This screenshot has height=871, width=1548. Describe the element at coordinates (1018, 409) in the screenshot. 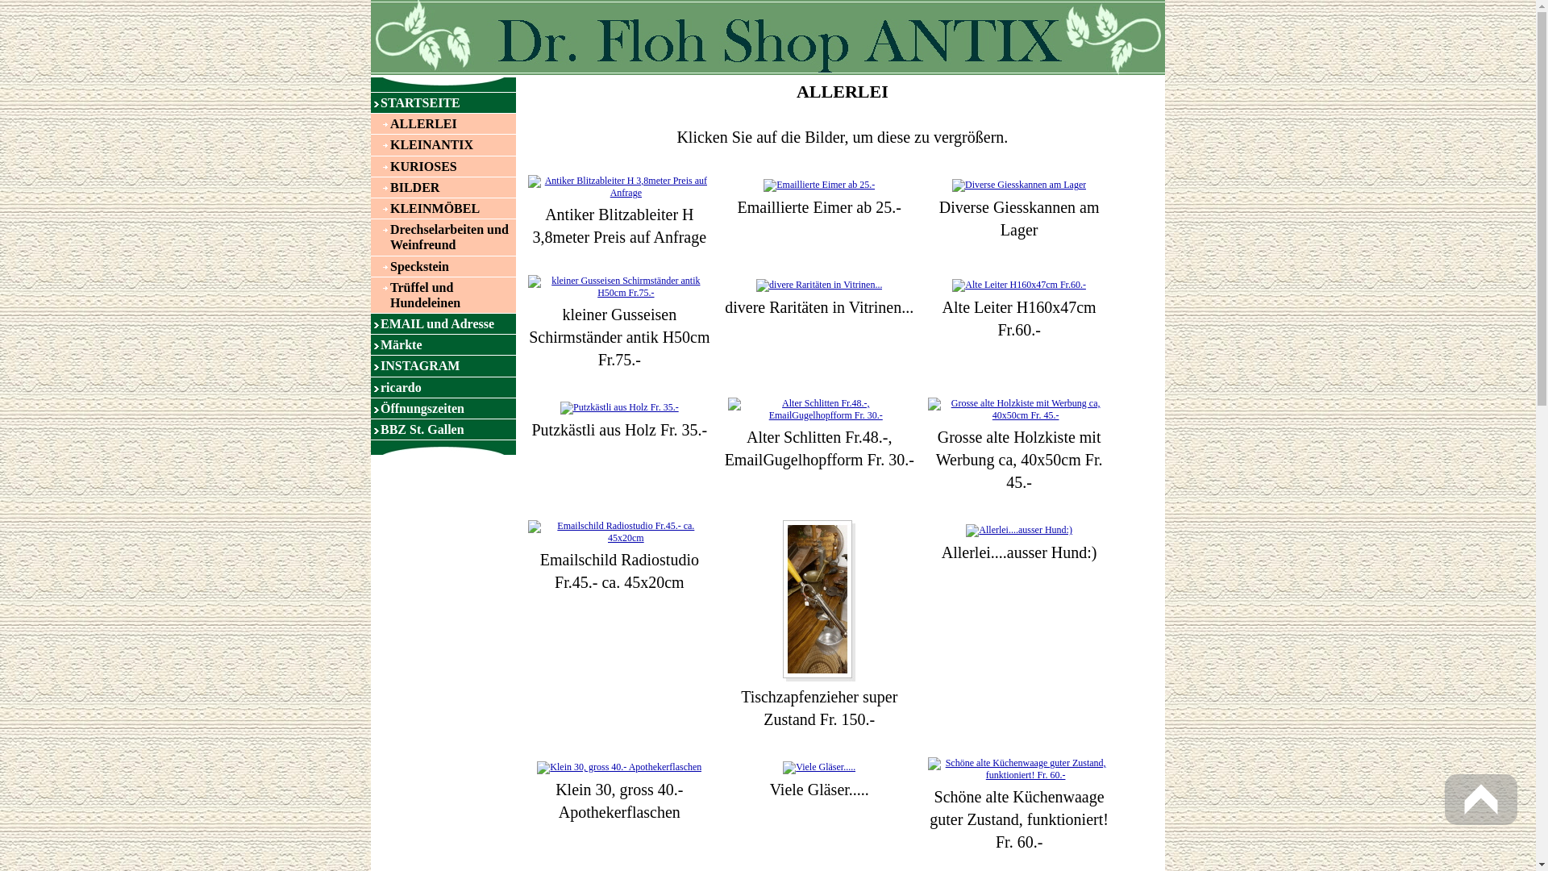

I see `'Grosse alte Holzkiste mit Werbung ca, 40x50cm Fr. 45.-'` at that location.